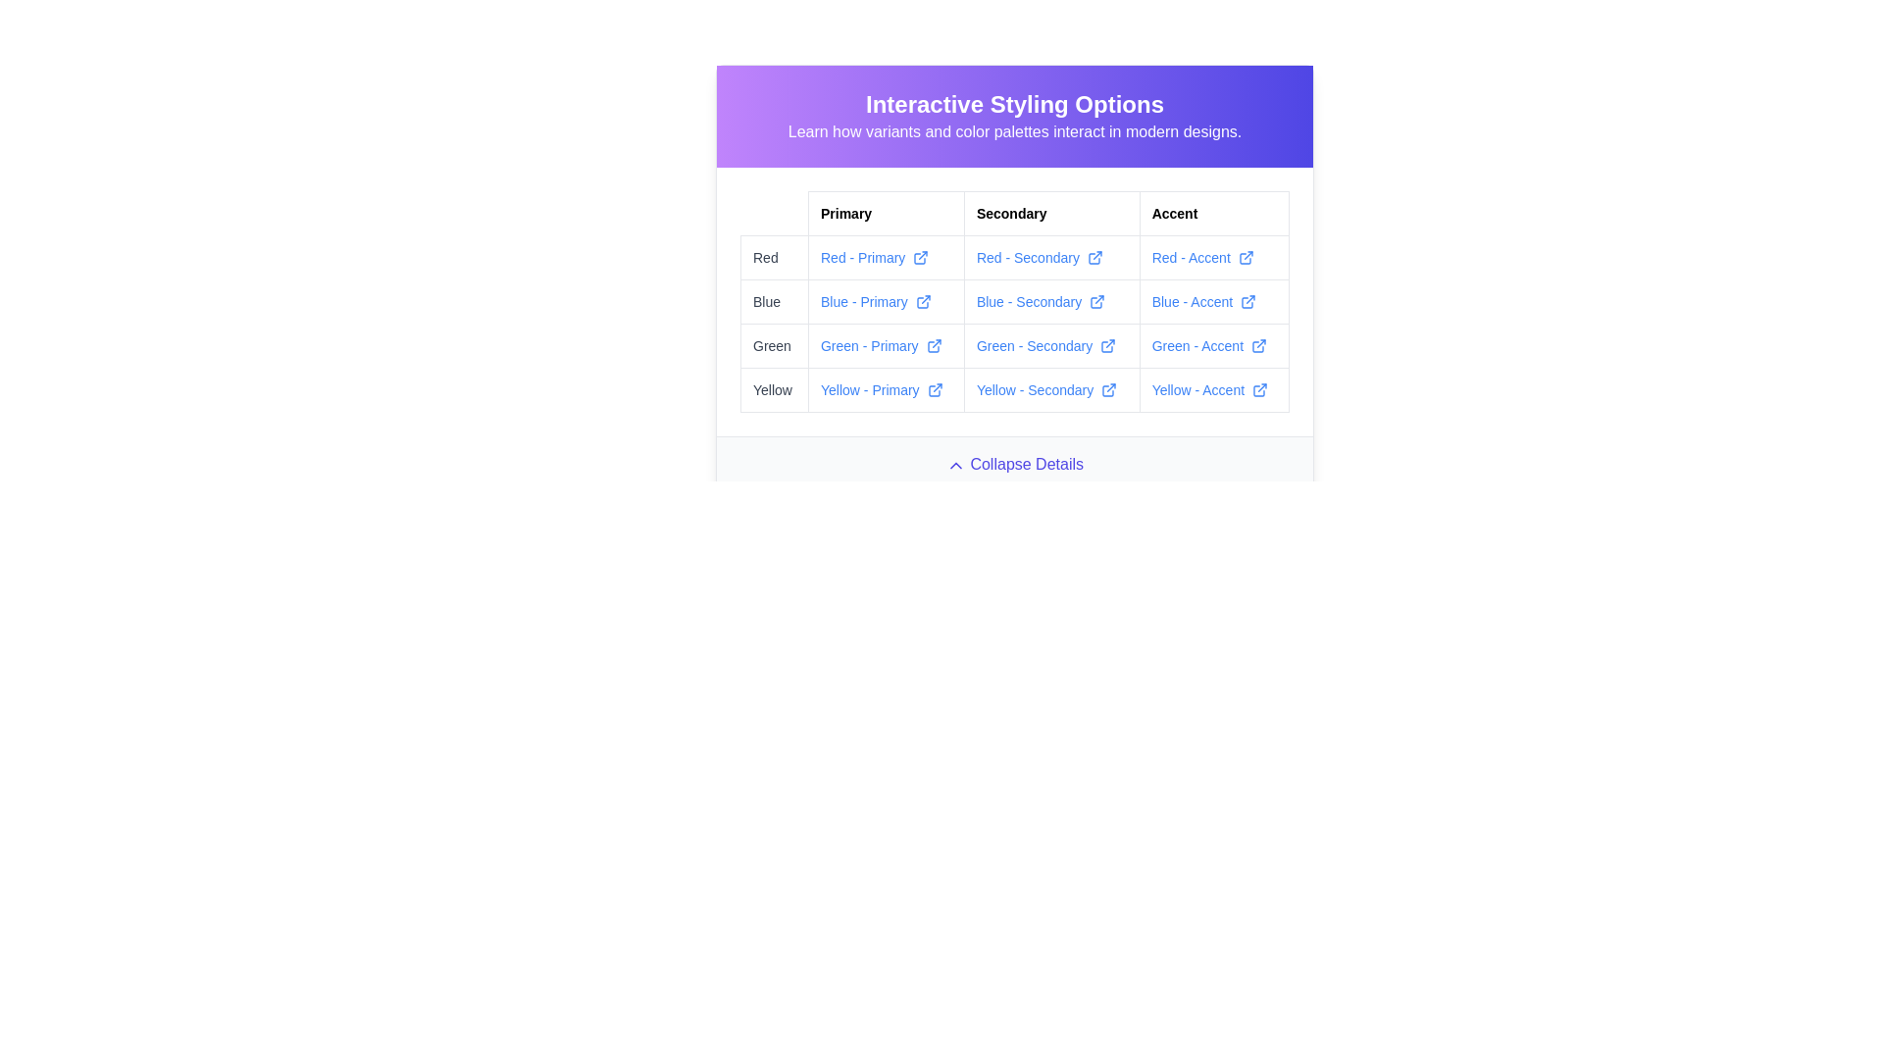 The height and width of the screenshot is (1059, 1883). What do you see at coordinates (1039, 256) in the screenshot?
I see `the hyperlink in the 'Secondary' column related to the 'Red' label` at bounding box center [1039, 256].